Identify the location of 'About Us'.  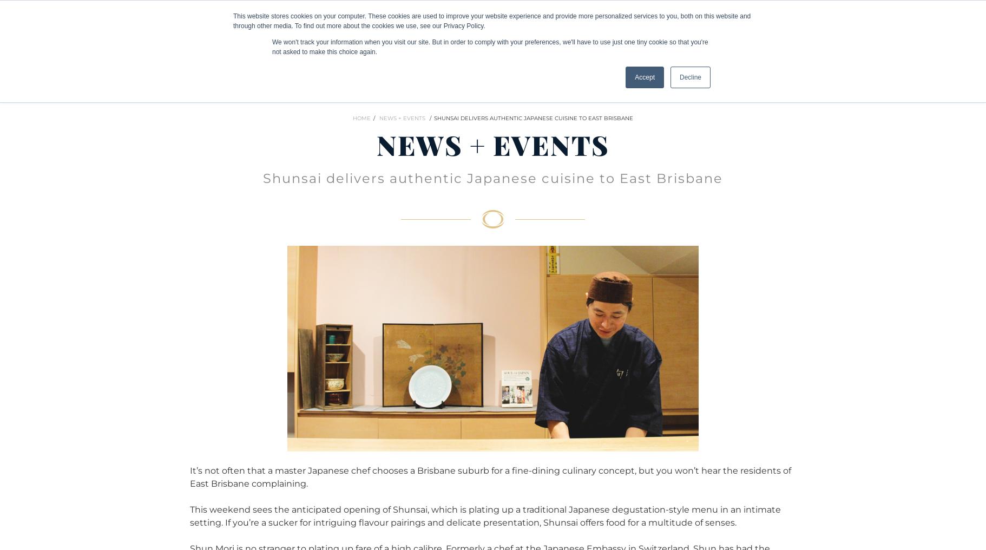
(659, 21).